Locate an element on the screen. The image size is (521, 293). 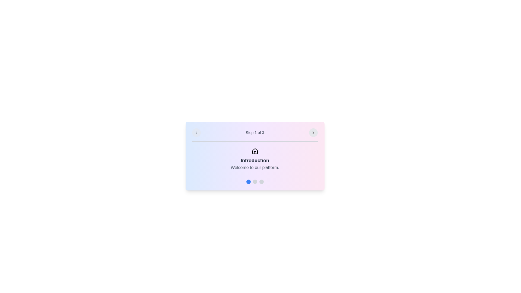
the first circle of the Step Indicator located at the bottom center of the card-like component to change steps is located at coordinates (255, 180).